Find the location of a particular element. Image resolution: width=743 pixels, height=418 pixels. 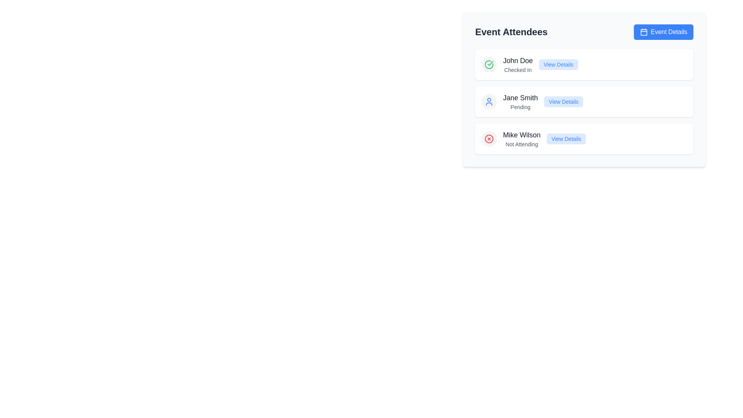

the user avatar SVG icon representing 'Jane Smith' in the 'Event Attendees' section is located at coordinates (488, 101).